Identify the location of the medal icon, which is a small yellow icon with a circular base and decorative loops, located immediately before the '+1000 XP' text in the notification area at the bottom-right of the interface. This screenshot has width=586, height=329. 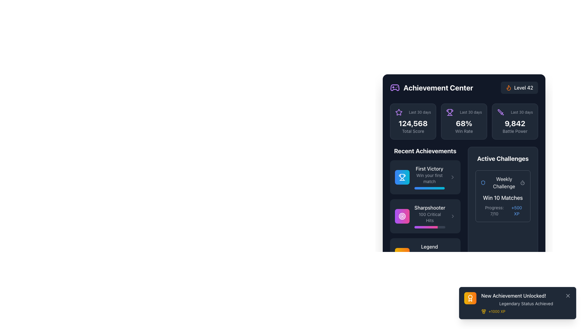
(483, 311).